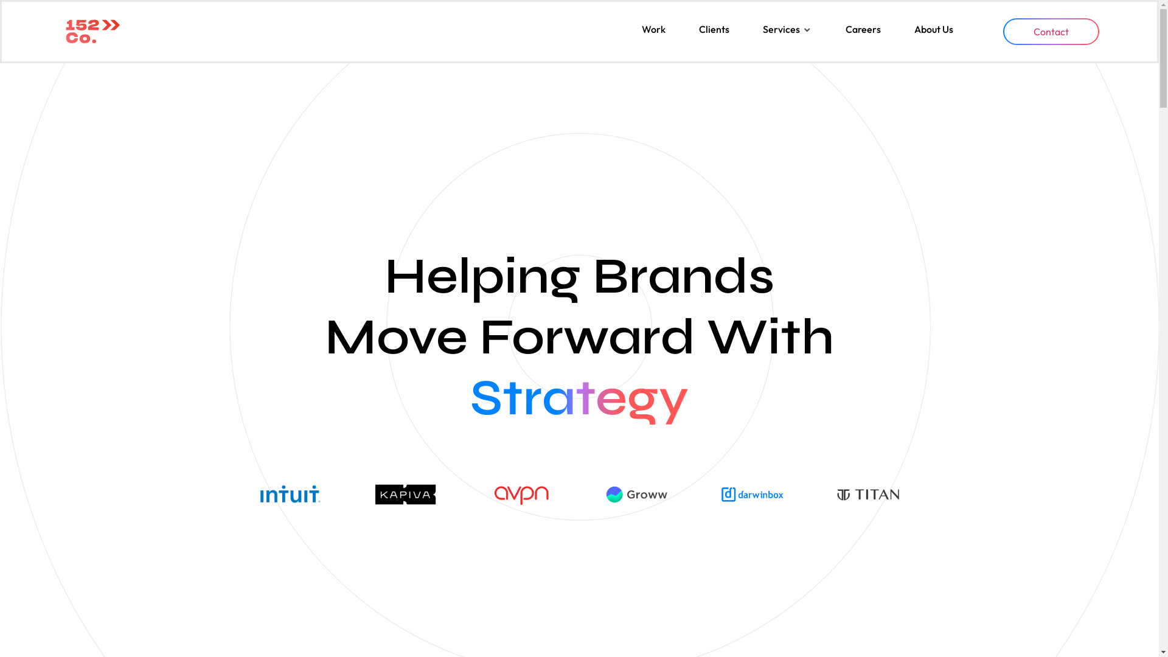  Describe the element at coordinates (1051, 31) in the screenshot. I see `'Contact'` at that location.